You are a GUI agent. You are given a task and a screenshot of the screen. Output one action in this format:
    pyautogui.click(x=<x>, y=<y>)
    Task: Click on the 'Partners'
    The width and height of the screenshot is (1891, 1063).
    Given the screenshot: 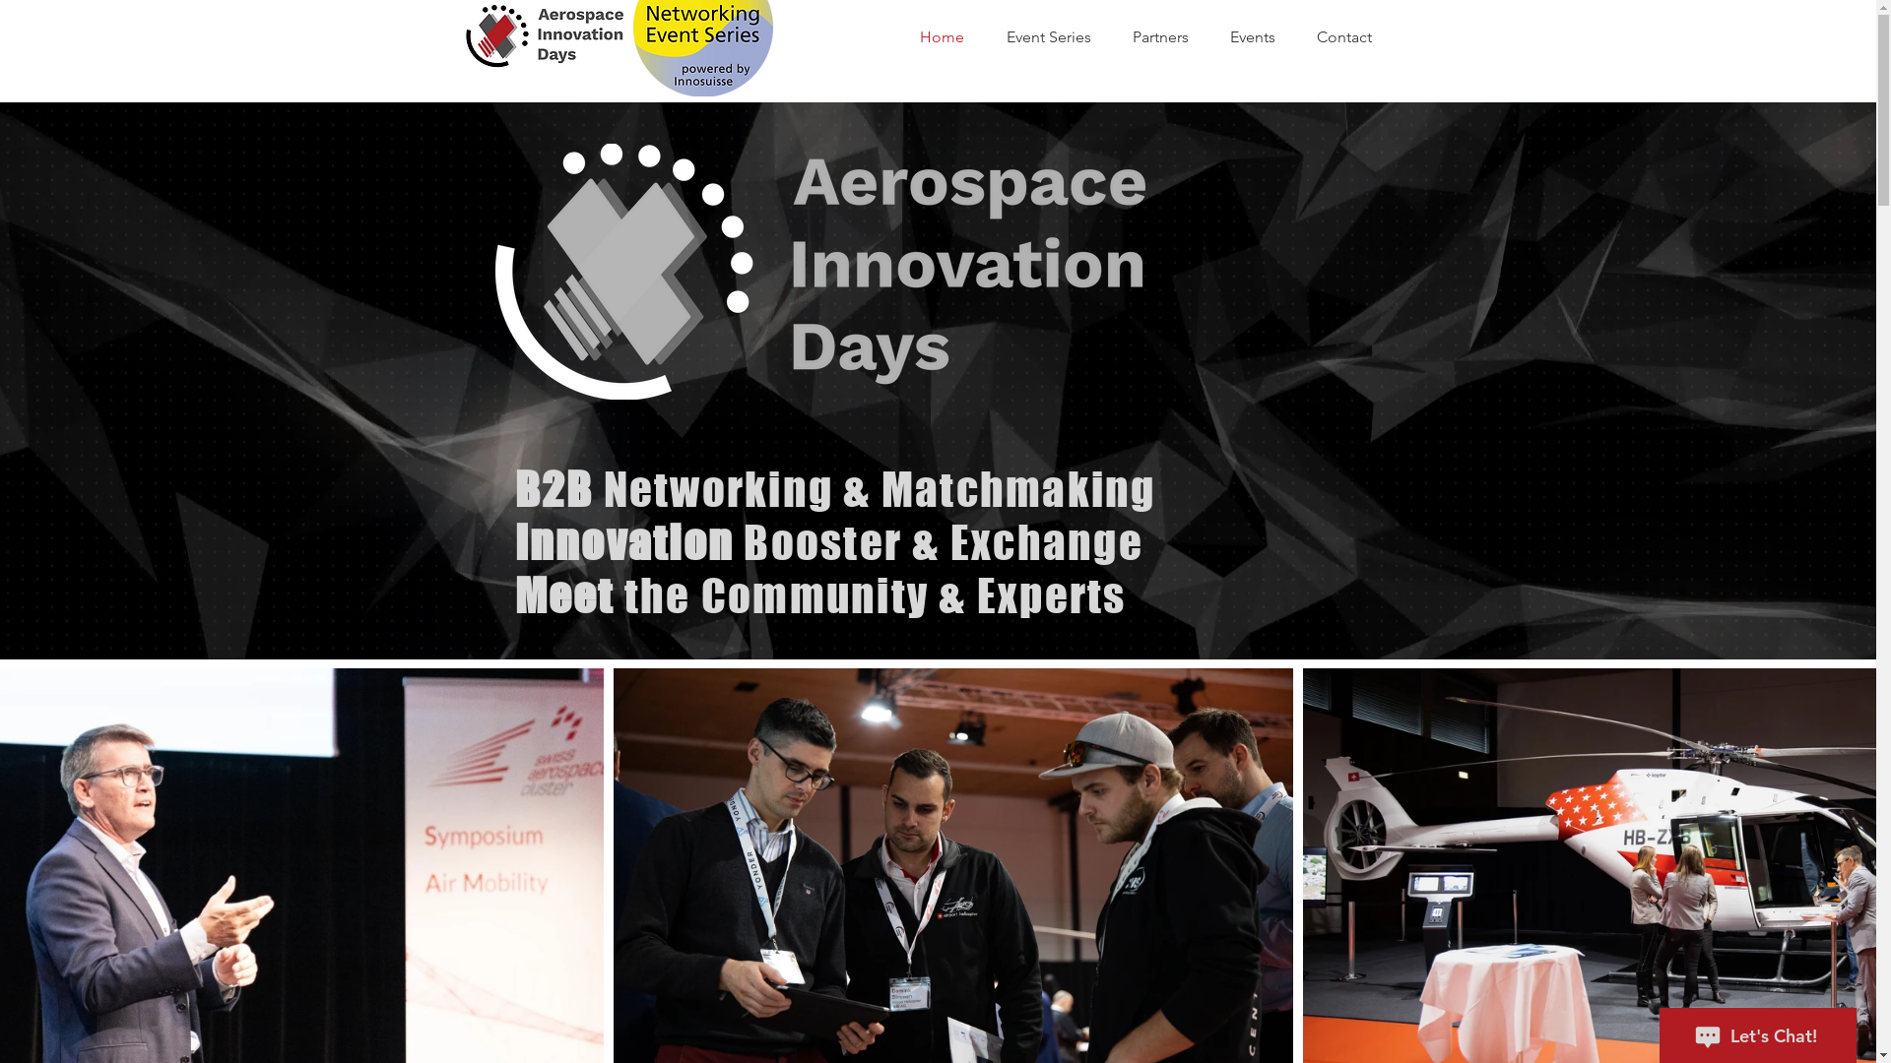 What is the action you would take?
    pyautogui.click(x=1171, y=36)
    